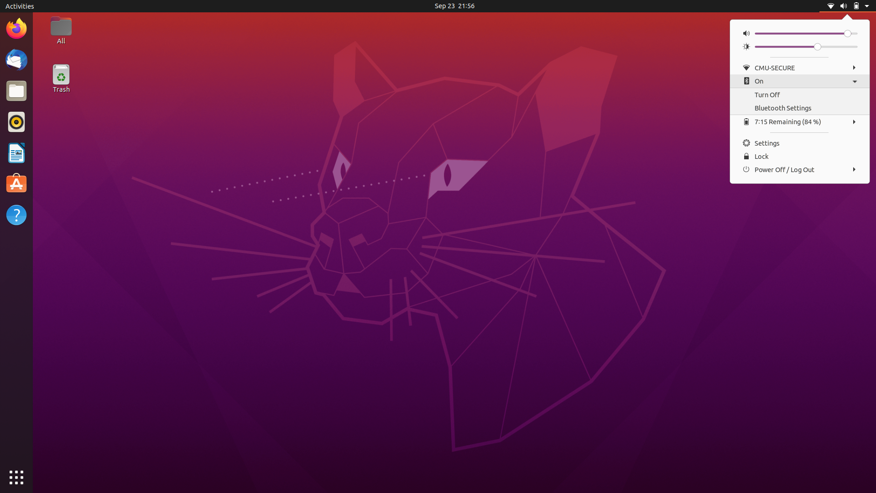  Describe the element at coordinates (16, 60) in the screenshot. I see `Mail App` at that location.